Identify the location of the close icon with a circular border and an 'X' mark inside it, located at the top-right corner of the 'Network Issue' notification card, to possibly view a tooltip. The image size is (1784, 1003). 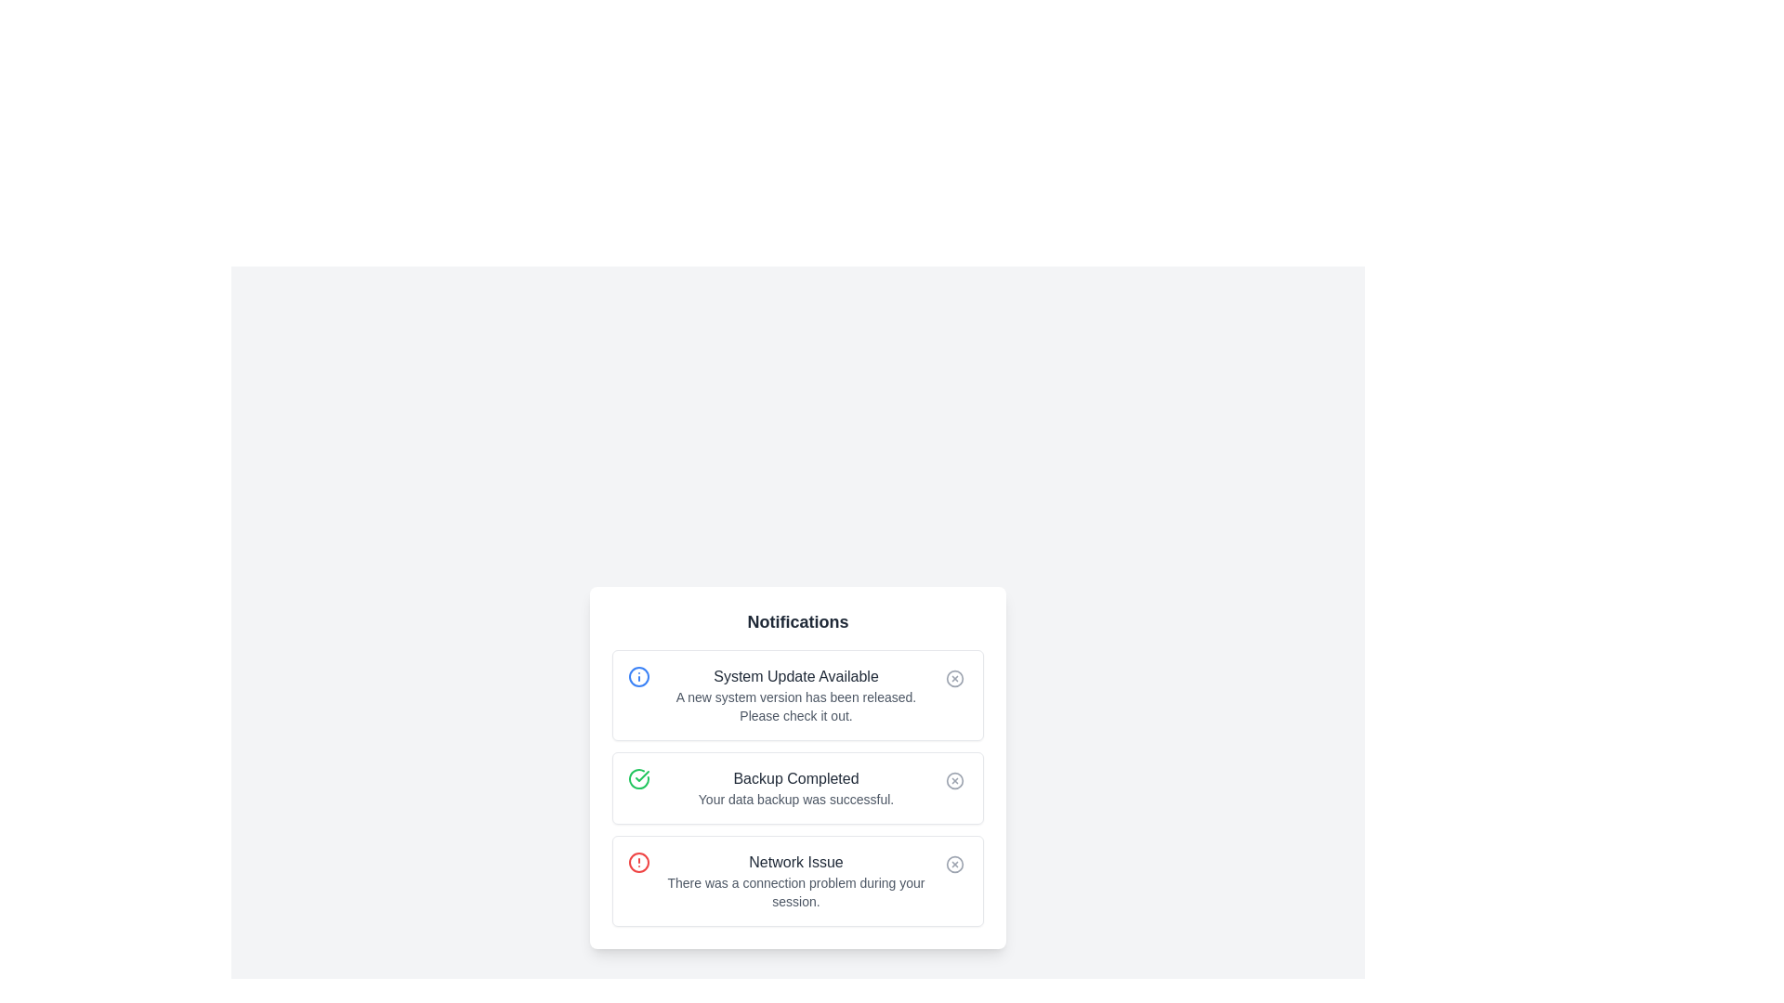
(954, 864).